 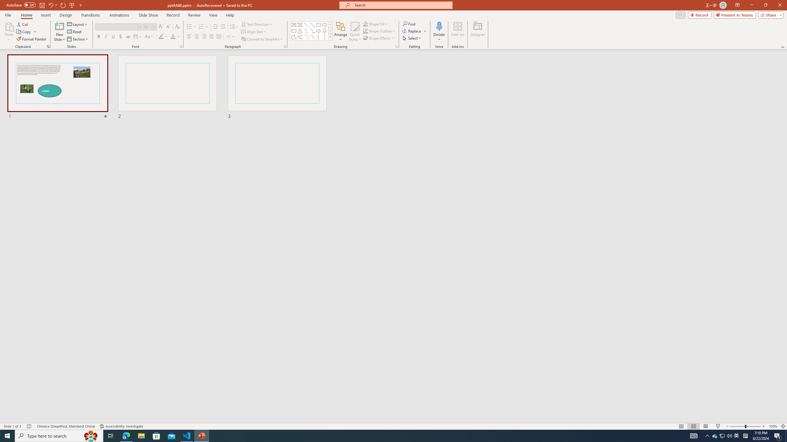 What do you see at coordinates (257, 24) in the screenshot?
I see `'Text Direction'` at bounding box center [257, 24].